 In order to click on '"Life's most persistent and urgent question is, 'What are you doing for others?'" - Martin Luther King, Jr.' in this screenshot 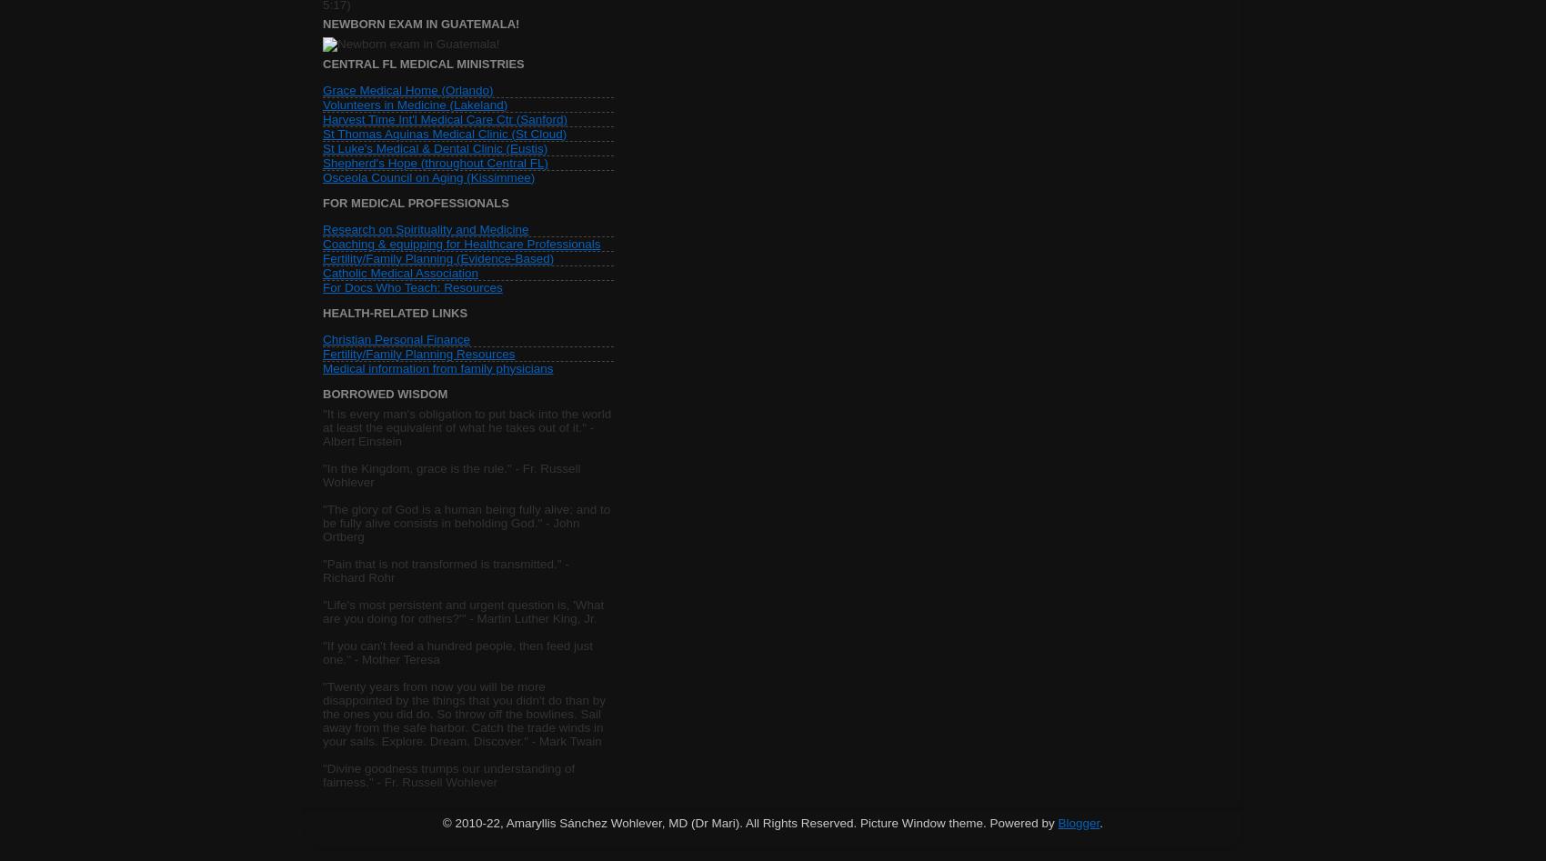, I will do `click(463, 609)`.